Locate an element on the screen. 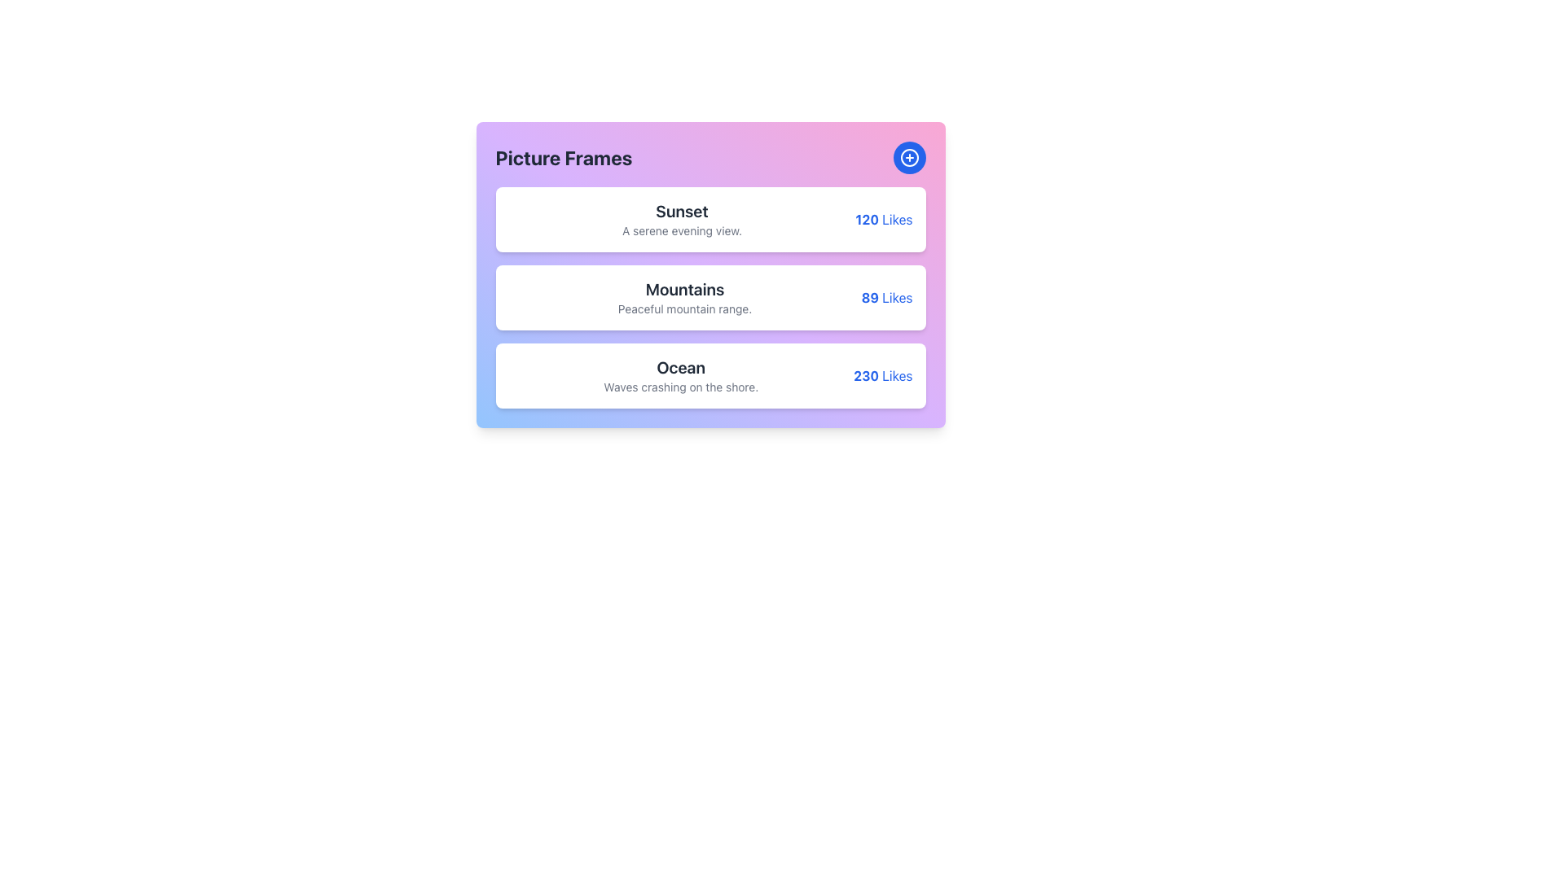  the text label displaying '89 Likes' in bold blue font, located on the right side of the 'Mountains' card, third row under 'Picture Frames' is located at coordinates (886, 298).